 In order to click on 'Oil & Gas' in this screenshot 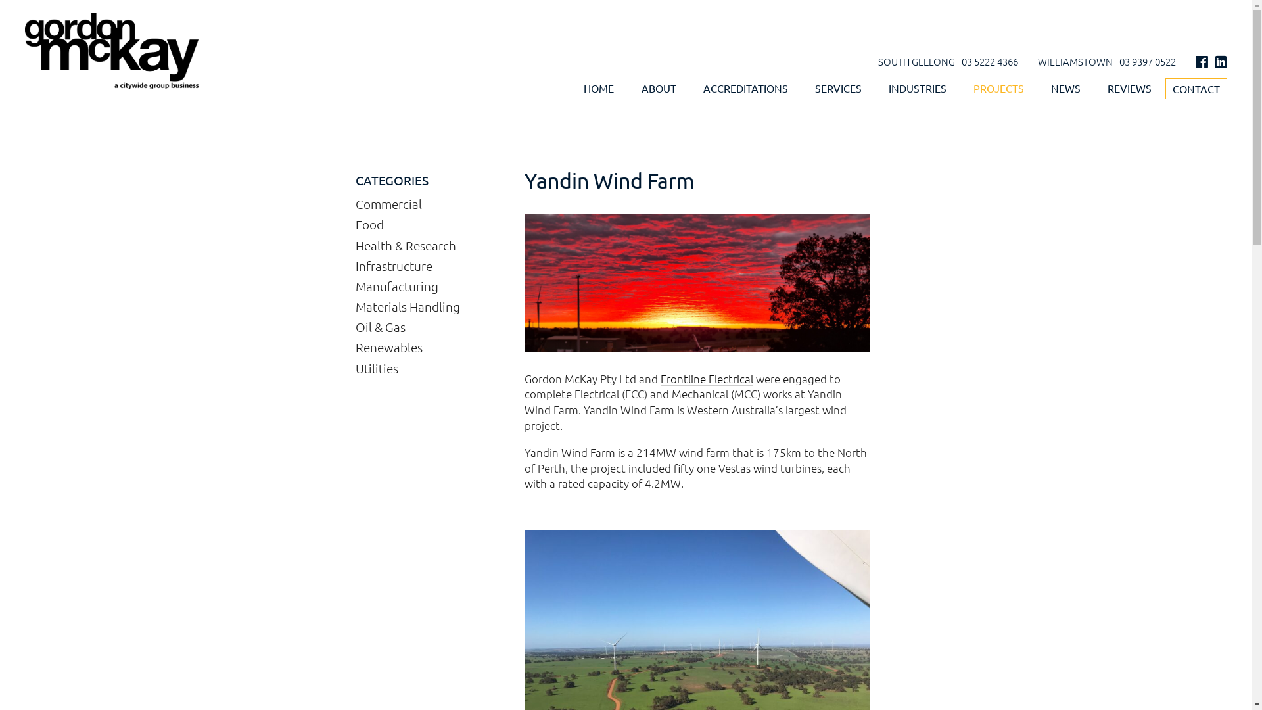, I will do `click(380, 326)`.